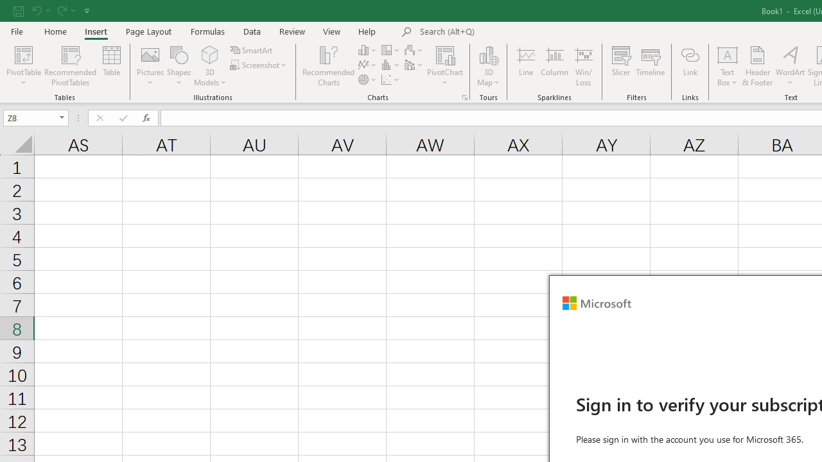 The image size is (822, 462). I want to click on 'Quick Access Toolbar', so click(52, 10).